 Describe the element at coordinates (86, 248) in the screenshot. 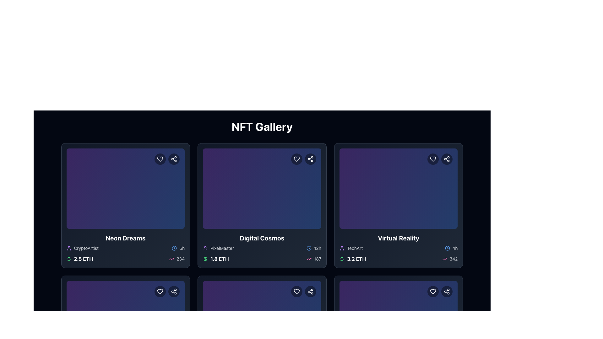

I see `the user profile associated with the NFT creator, located in the bottom-left section of the first card in the NFT gallery, near the username label` at that location.